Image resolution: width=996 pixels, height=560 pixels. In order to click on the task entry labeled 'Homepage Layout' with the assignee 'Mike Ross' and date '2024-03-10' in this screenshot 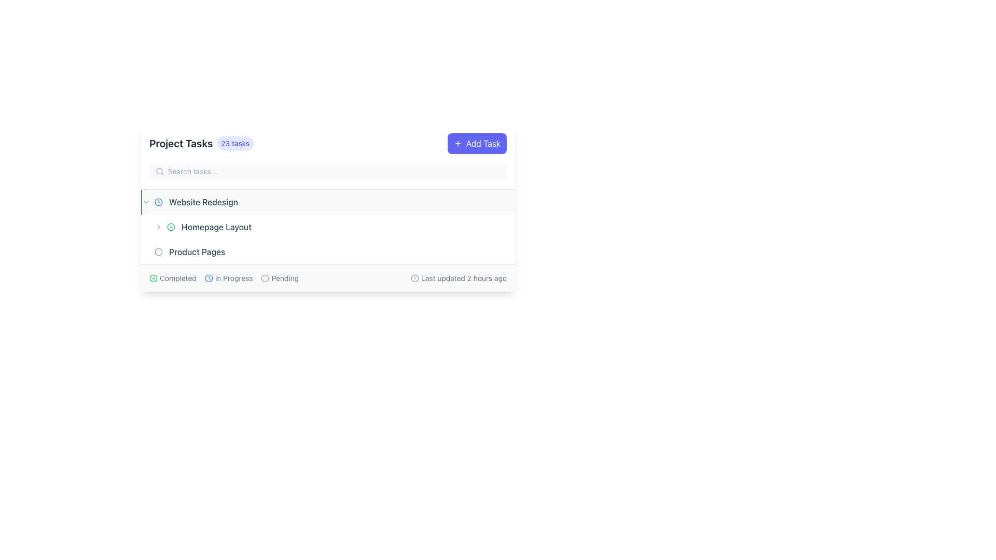, I will do `click(327, 240)`.